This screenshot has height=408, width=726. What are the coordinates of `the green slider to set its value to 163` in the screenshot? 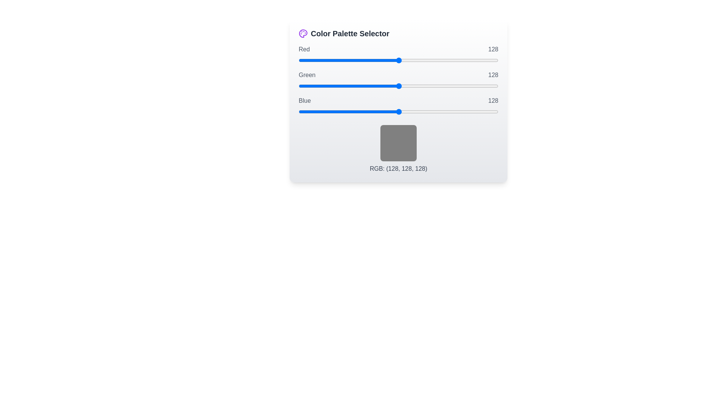 It's located at (426, 85).